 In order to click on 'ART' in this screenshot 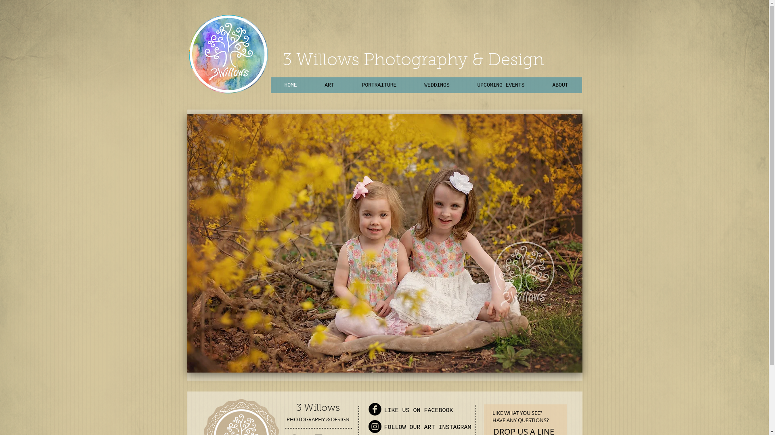, I will do `click(329, 85)`.